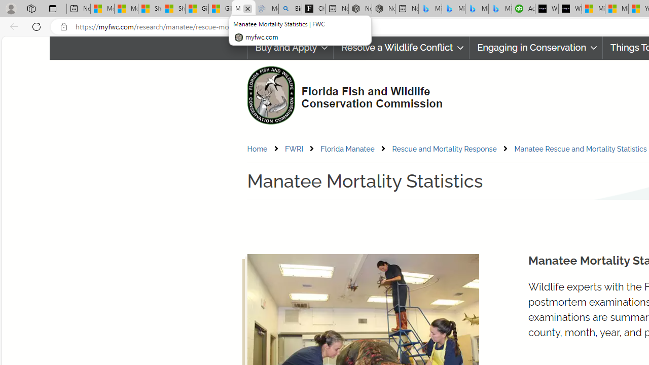 Image resolution: width=649 pixels, height=365 pixels. Describe the element at coordinates (401, 48) in the screenshot. I see `'Resolve a Wildlife Conflict'` at that location.